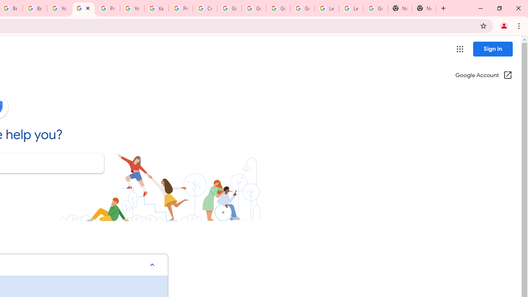  What do you see at coordinates (205, 8) in the screenshot?
I see `'Create your Google Account'` at bounding box center [205, 8].